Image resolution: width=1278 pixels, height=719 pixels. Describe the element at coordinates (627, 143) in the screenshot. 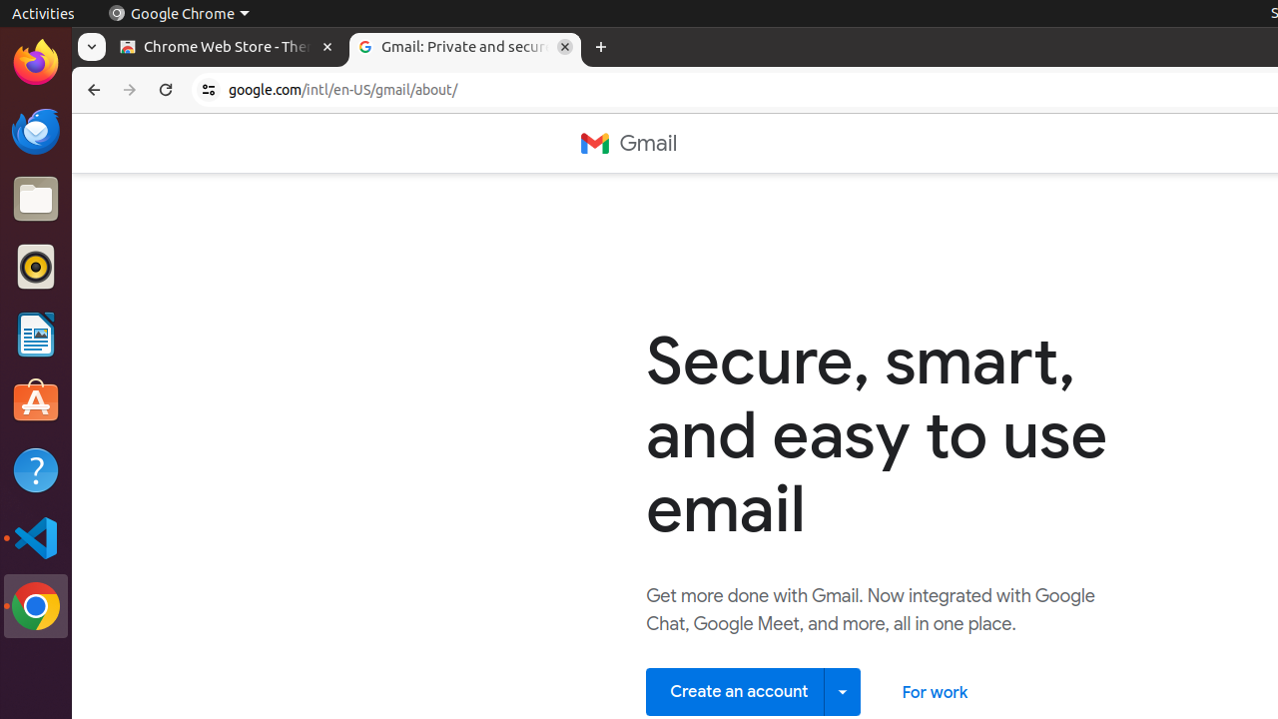

I see `'Gmail'` at that location.